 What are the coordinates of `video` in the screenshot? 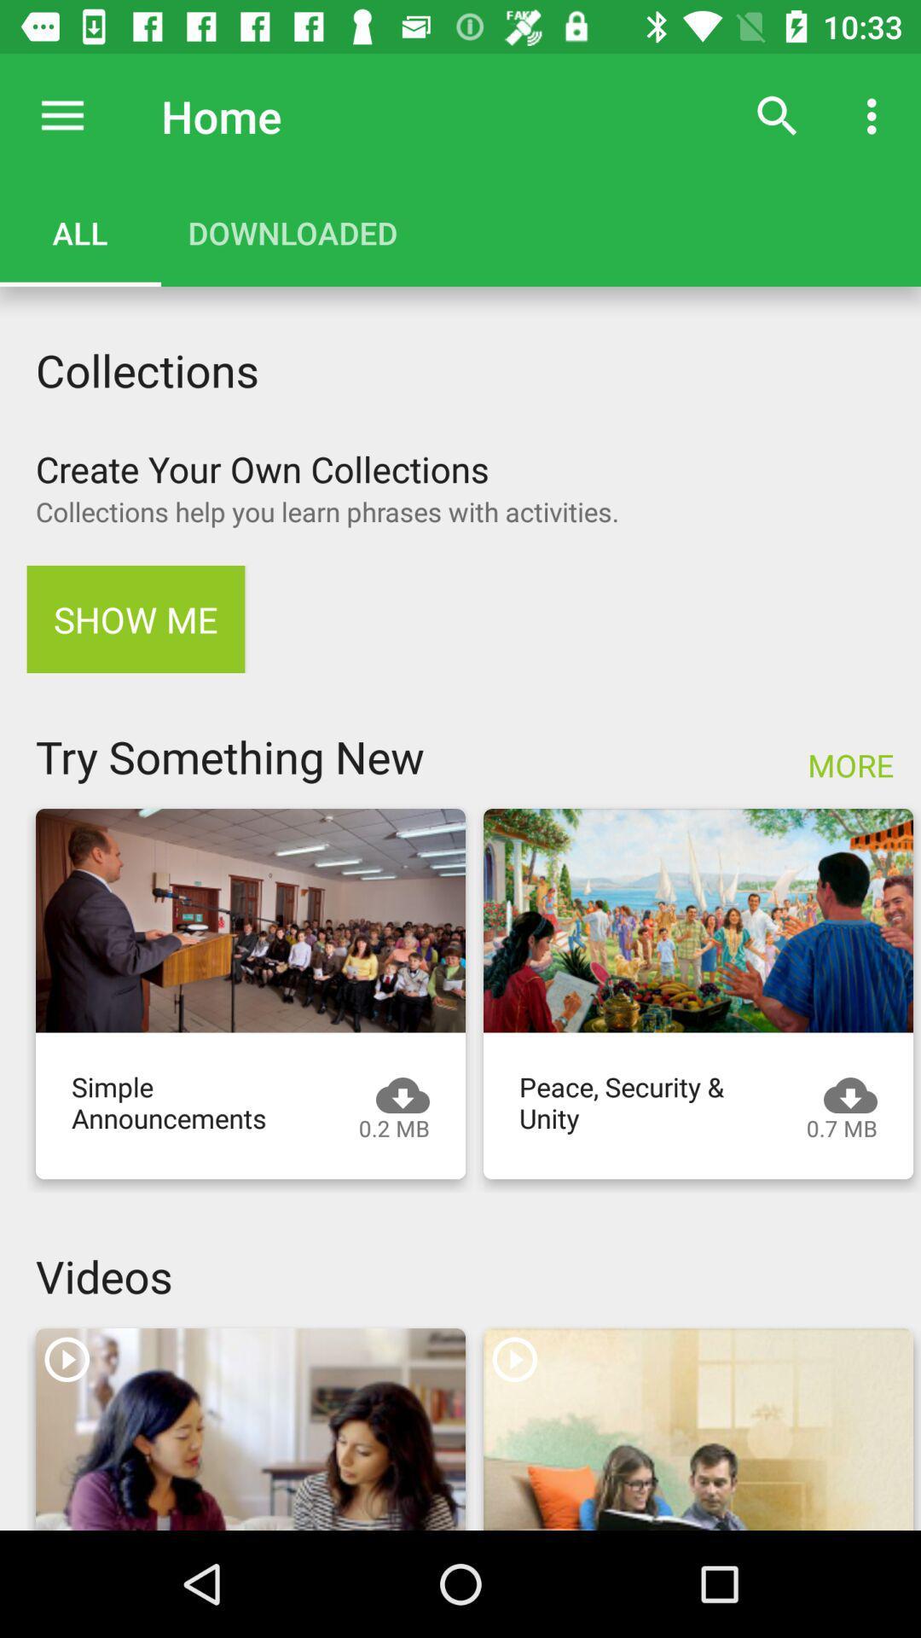 It's located at (698, 920).